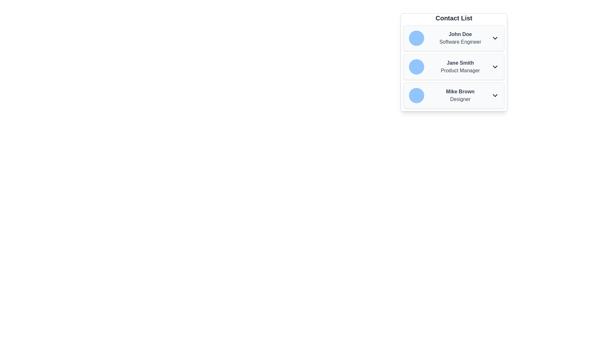 This screenshot has height=344, width=611. I want to click on the text element displaying the contact name 'Jane Smith', which is located in the second card of a vertical list of contacts, positioned above the designation 'Product Manager', so click(460, 63).